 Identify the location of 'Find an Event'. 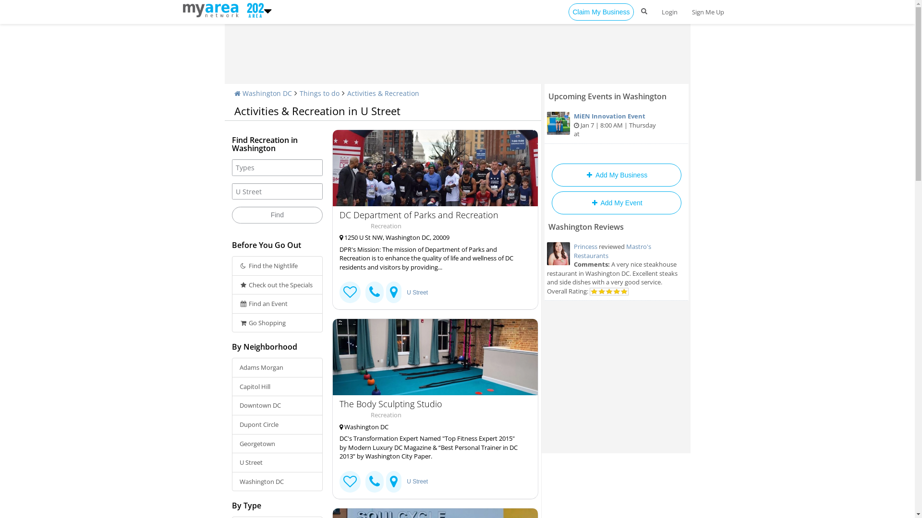
(276, 304).